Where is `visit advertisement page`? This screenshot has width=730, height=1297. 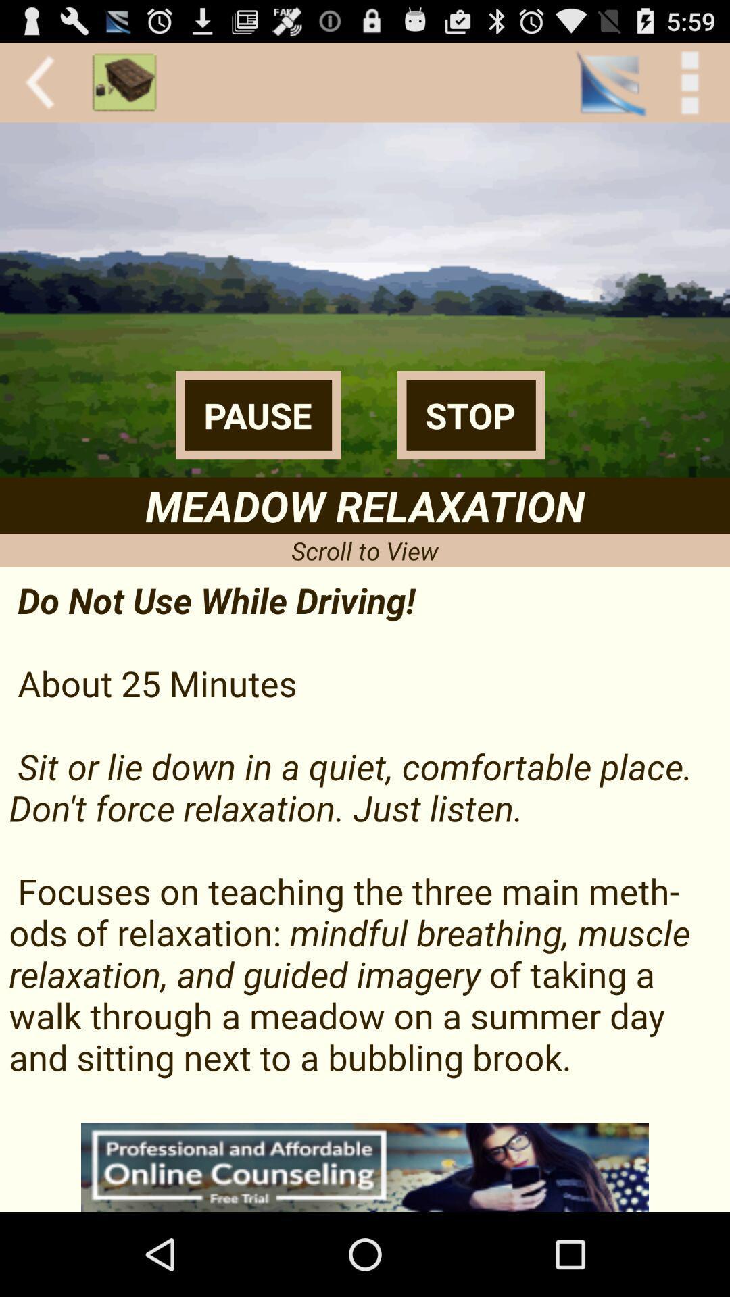
visit advertisement page is located at coordinates (365, 1167).